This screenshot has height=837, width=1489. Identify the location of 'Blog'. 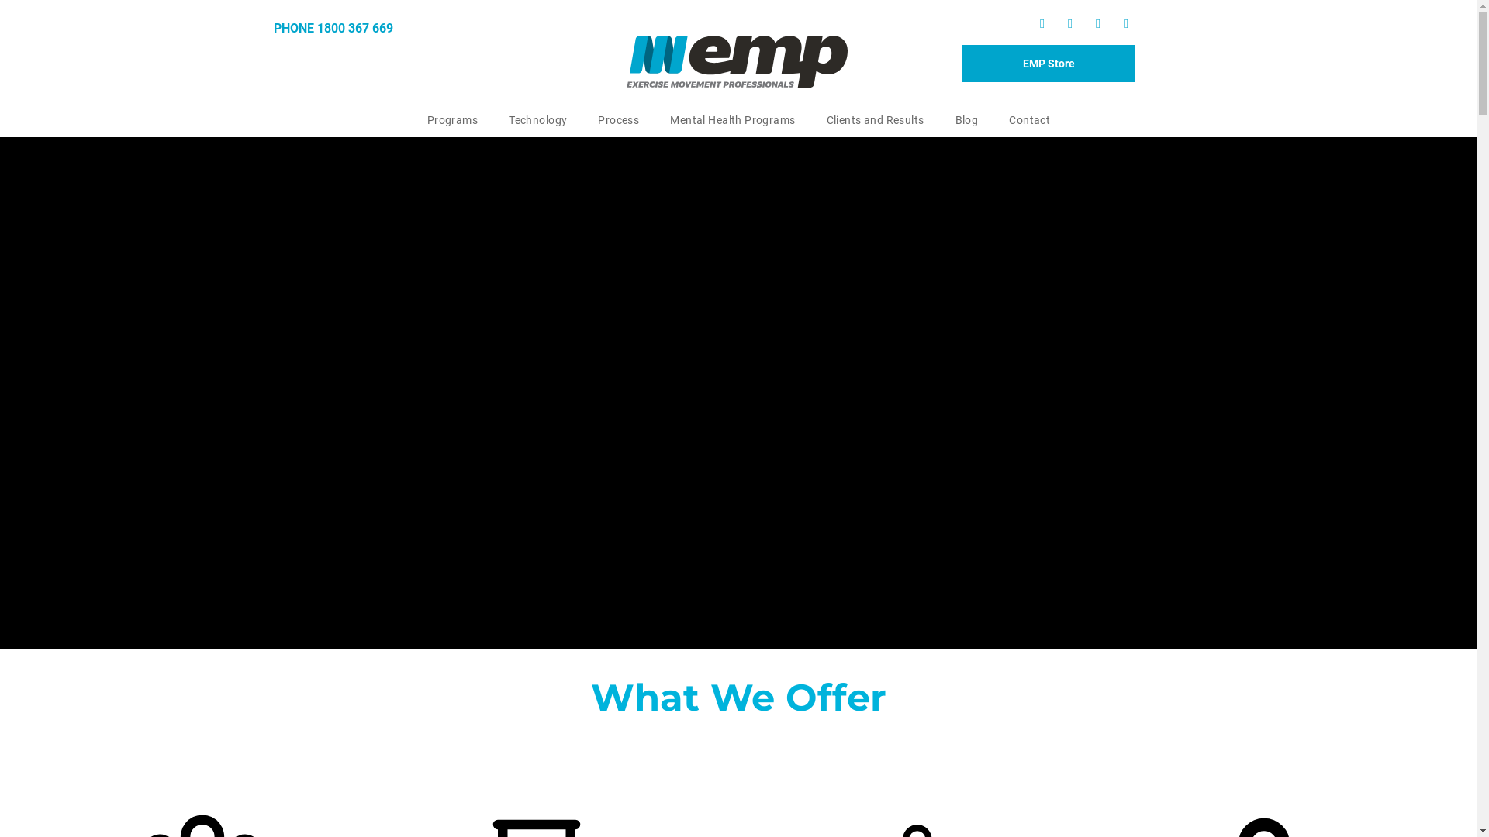
(966, 119).